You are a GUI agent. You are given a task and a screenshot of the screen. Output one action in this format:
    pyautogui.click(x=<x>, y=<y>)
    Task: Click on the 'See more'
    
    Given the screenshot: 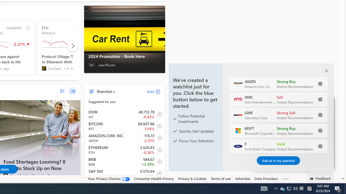 What is the action you would take?
    pyautogui.click(x=285, y=179)
    